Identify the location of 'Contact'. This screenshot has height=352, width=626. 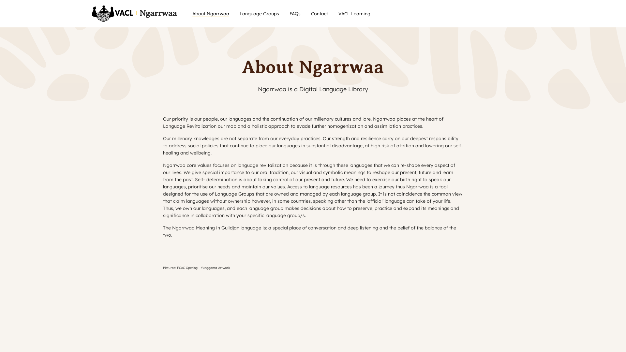
(319, 14).